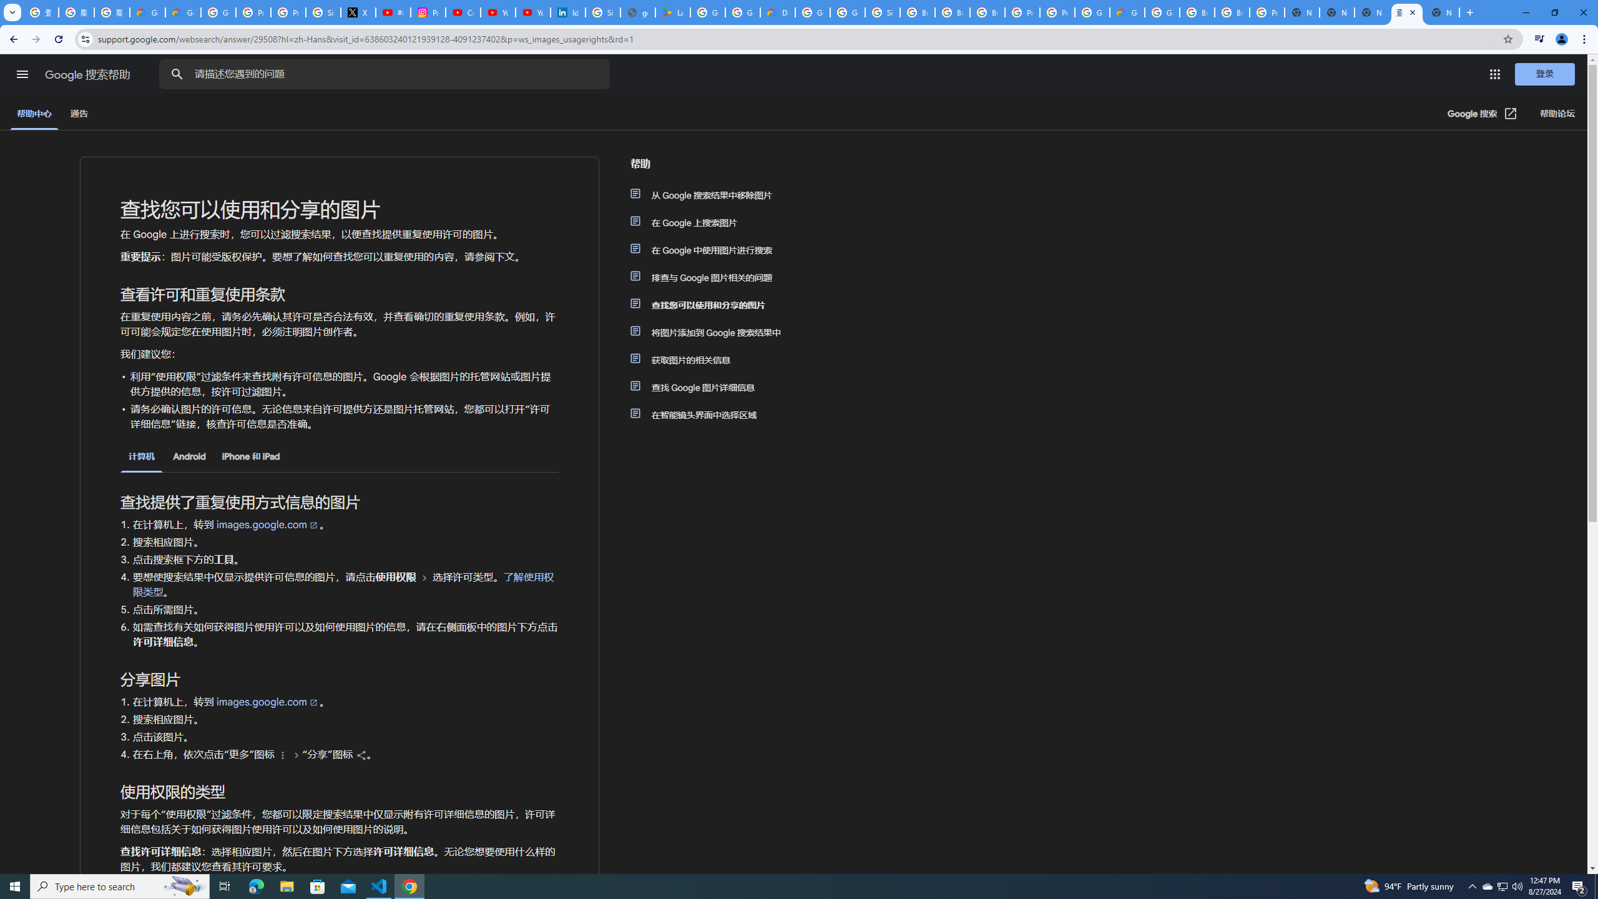 Image resolution: width=1598 pixels, height=899 pixels. Describe the element at coordinates (1232, 12) in the screenshot. I see `'Browse Chrome as a guest - Computer - Google Chrome Help'` at that location.